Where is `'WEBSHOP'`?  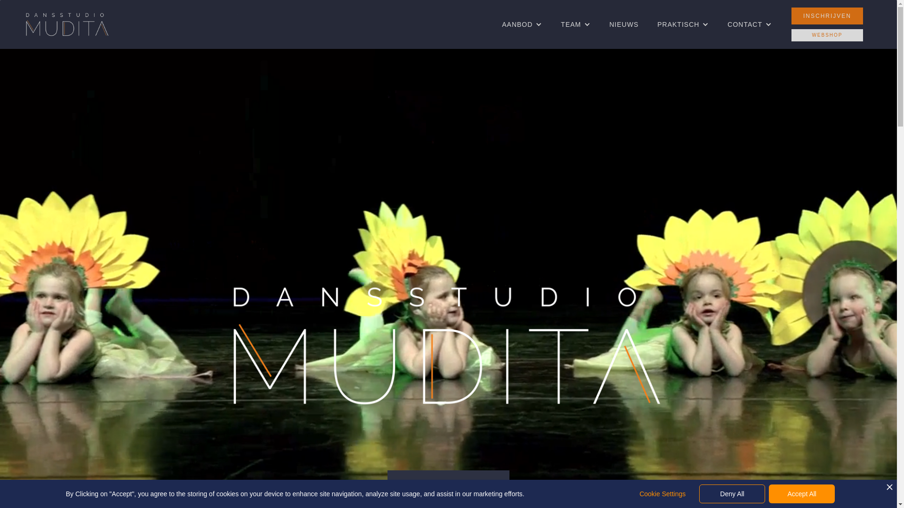 'WEBSHOP' is located at coordinates (791, 34).